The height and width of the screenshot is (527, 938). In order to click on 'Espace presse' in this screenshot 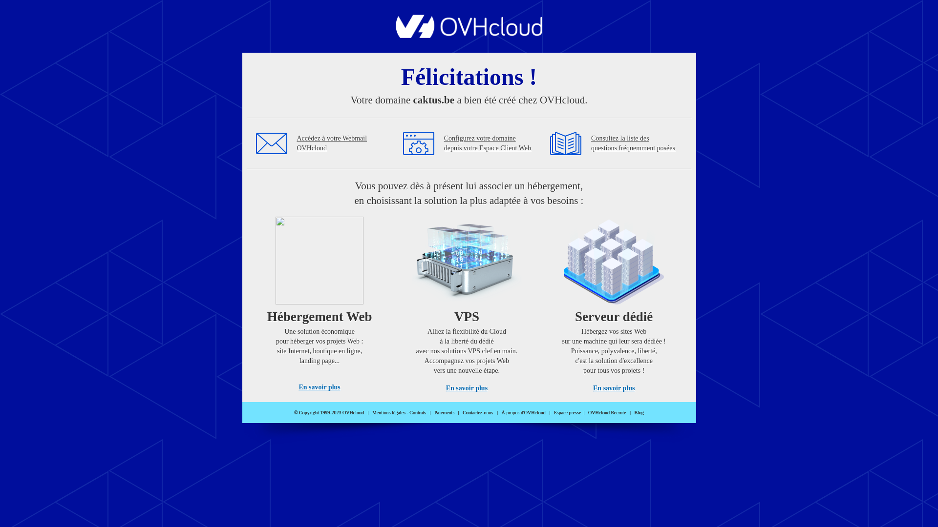, I will do `click(567, 412)`.